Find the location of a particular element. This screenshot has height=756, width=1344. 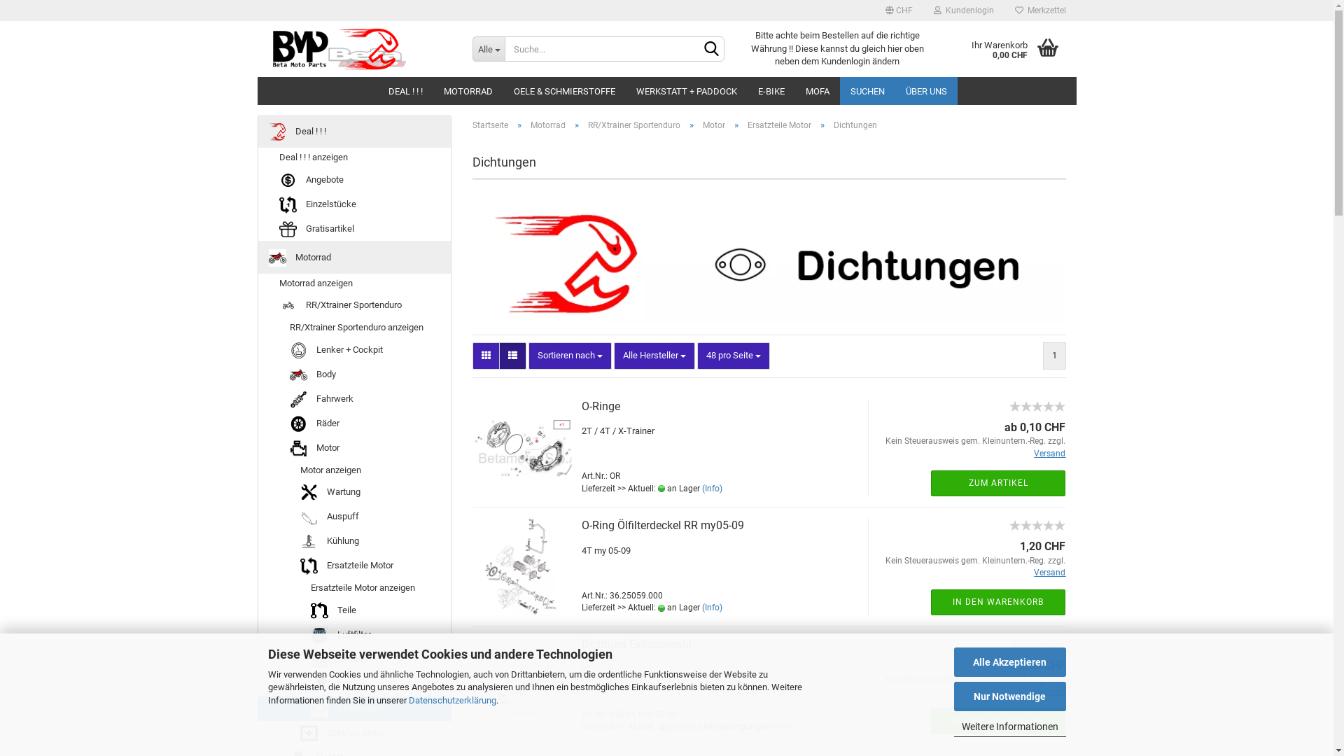

'IN DEN WARENKORB' is located at coordinates (997, 601).